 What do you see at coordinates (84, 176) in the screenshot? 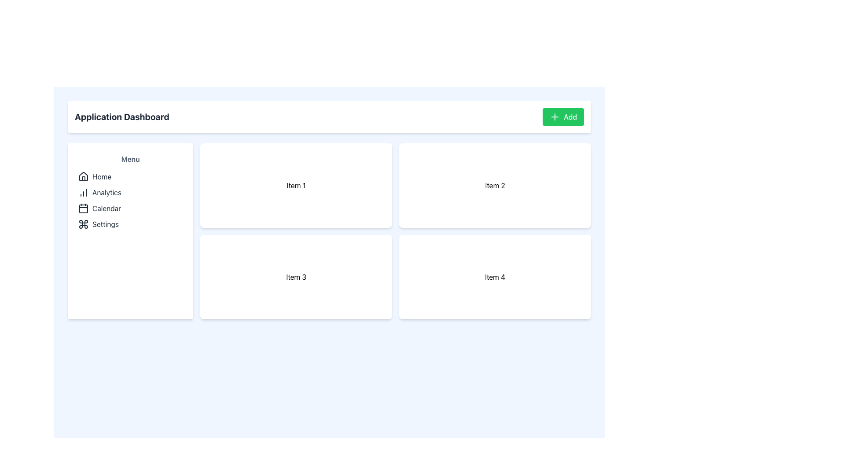
I see `the roof part of the house icon in the sidebar menu, which is visually represented as a triangular shape above the door illustration` at bounding box center [84, 176].